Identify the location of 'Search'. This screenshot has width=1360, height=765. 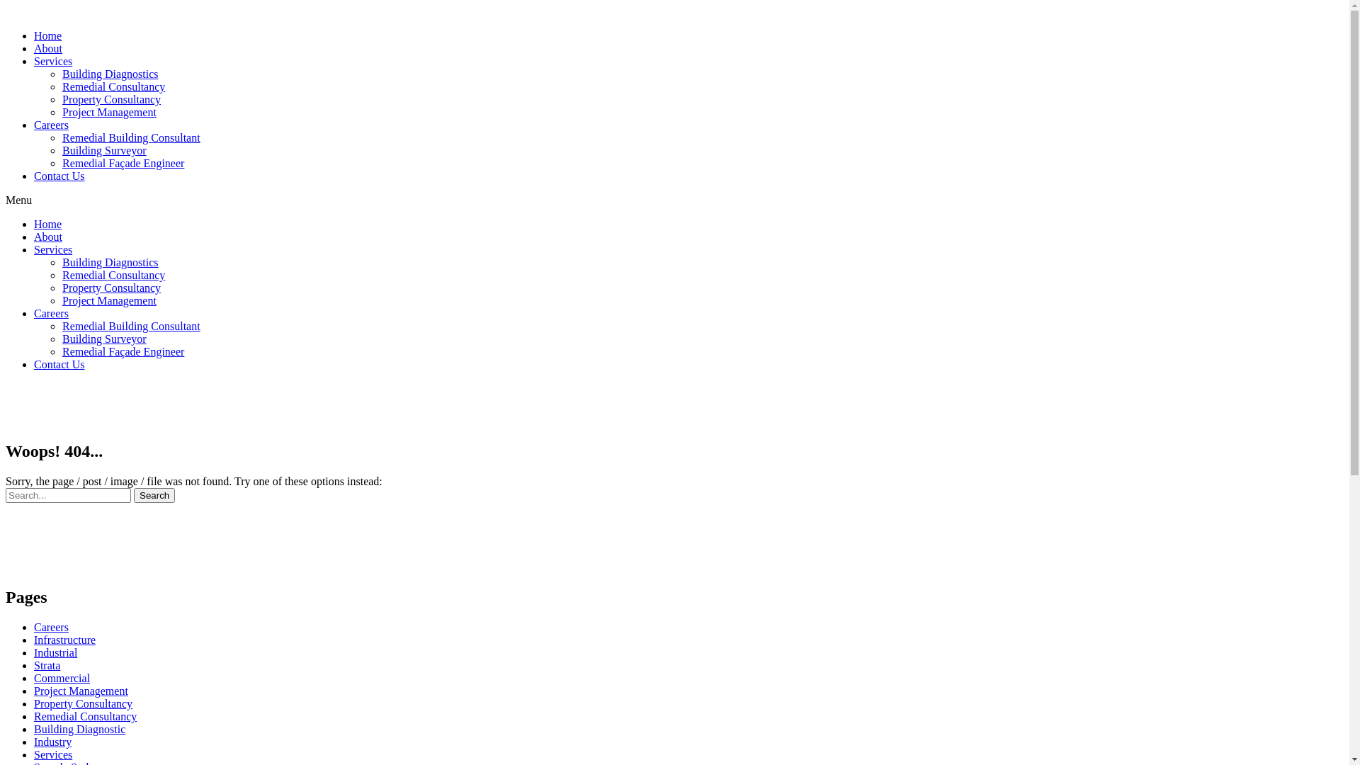
(154, 494).